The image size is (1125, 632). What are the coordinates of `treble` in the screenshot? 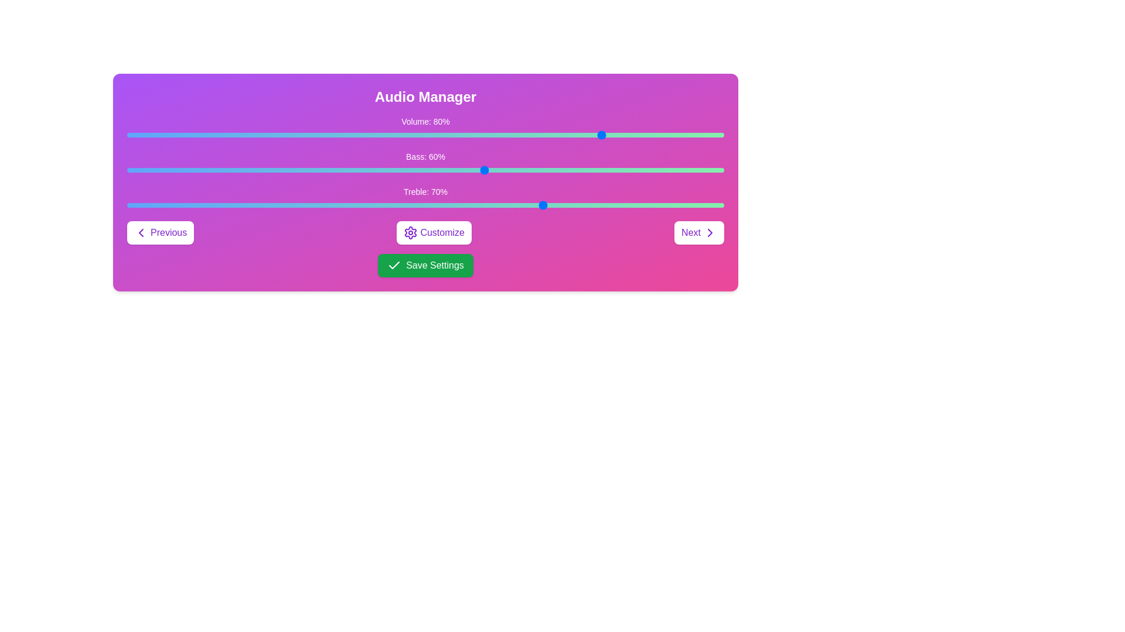 It's located at (216, 205).